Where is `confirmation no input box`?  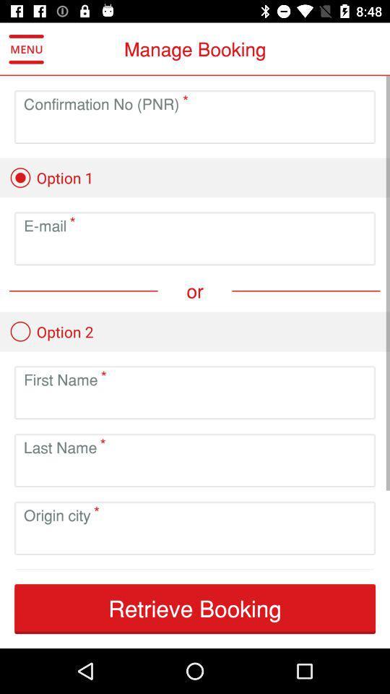 confirmation no input box is located at coordinates (195, 127).